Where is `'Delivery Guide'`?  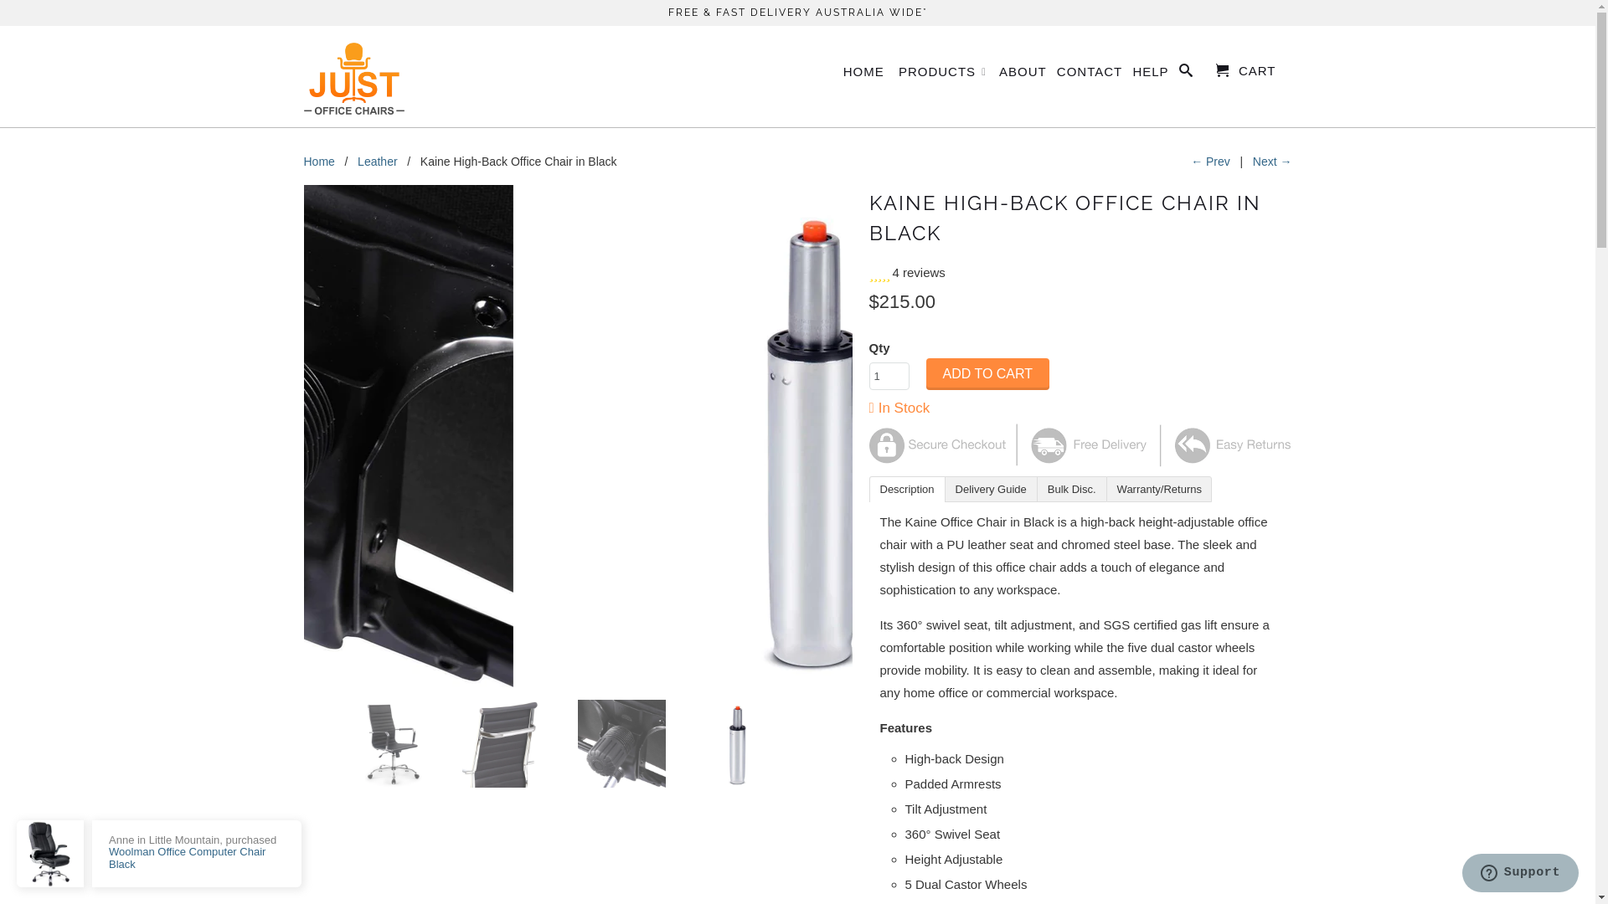 'Delivery Guide' is located at coordinates (991, 489).